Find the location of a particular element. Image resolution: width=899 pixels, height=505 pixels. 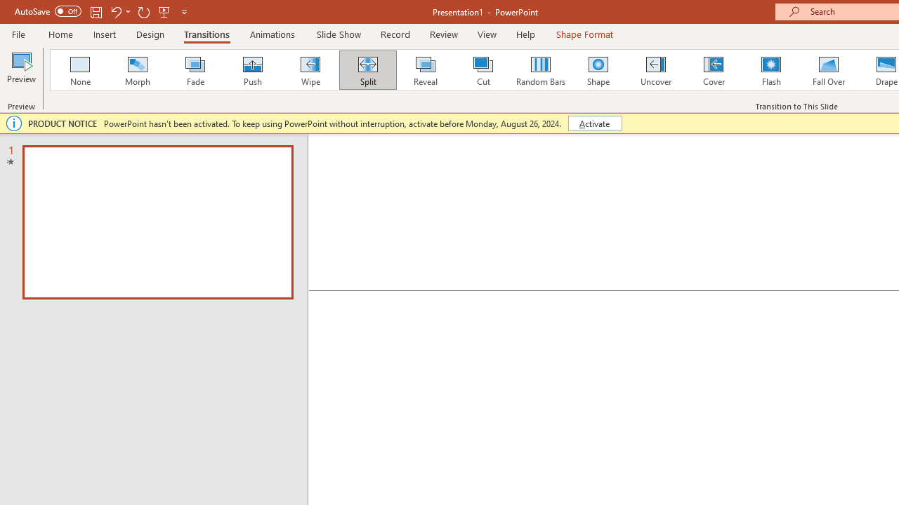

'Flash' is located at coordinates (770, 70).